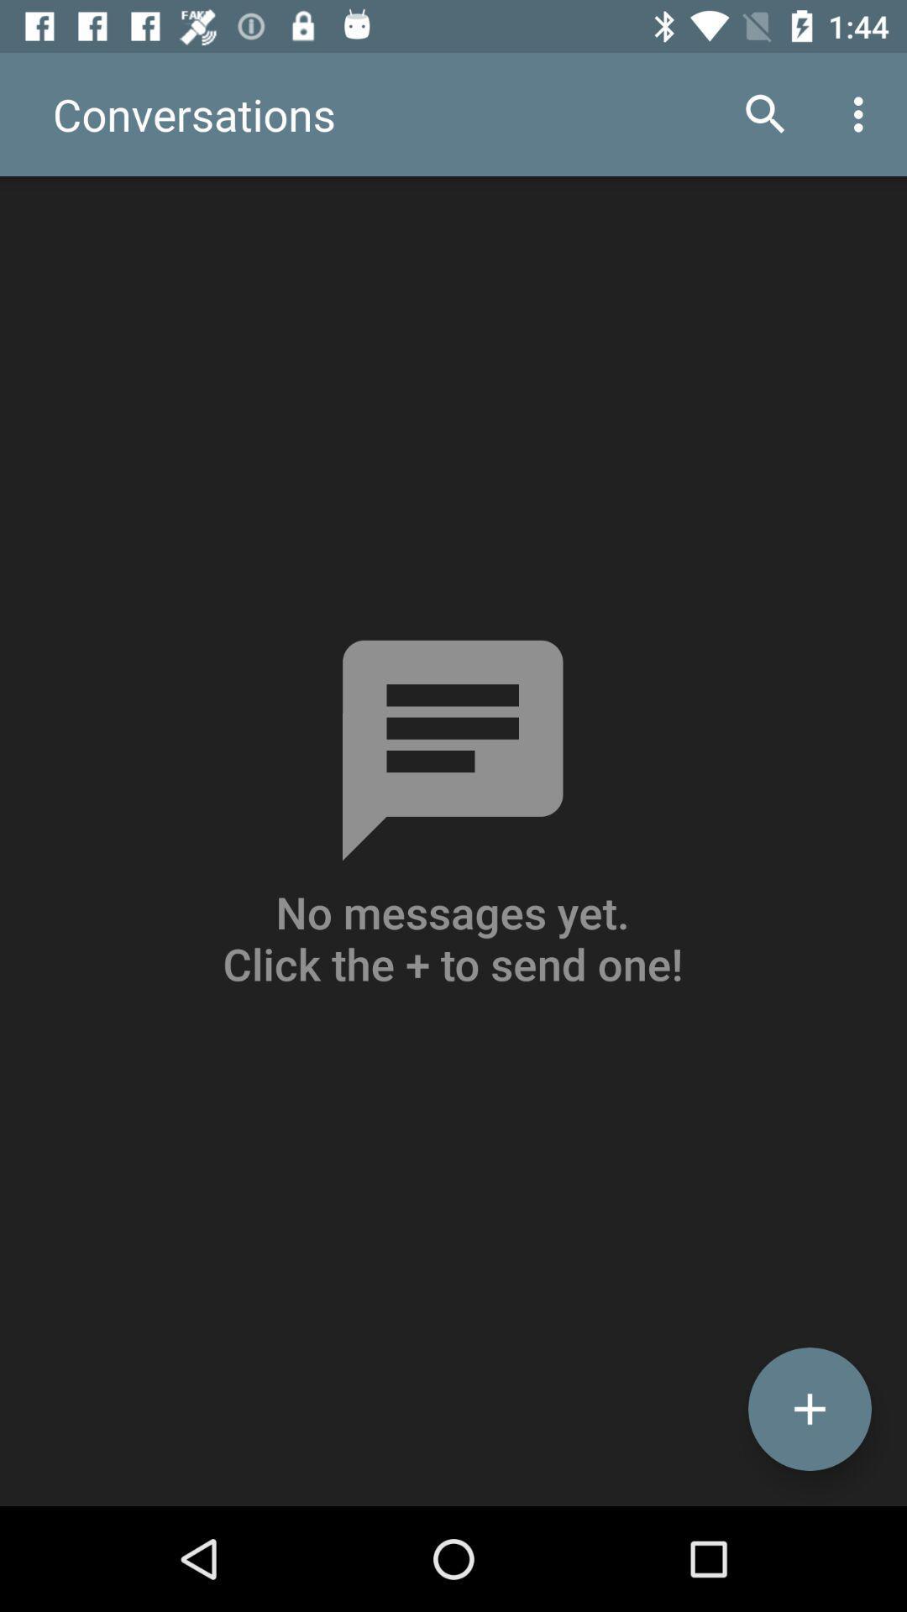 The width and height of the screenshot is (907, 1612). Describe the element at coordinates (809, 1409) in the screenshot. I see `the add icon` at that location.